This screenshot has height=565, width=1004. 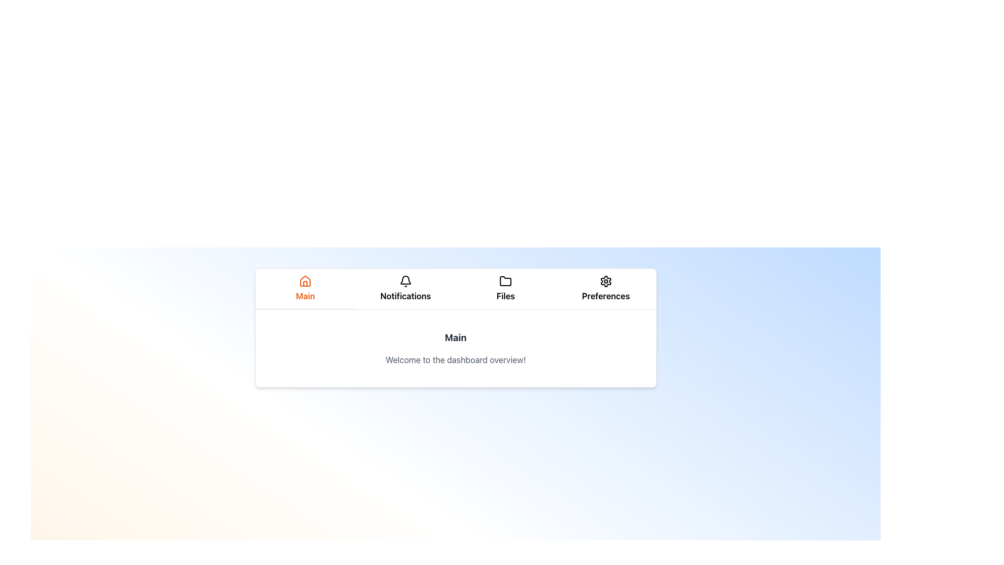 I want to click on the black outline folder icon located above the 'Files' text in the third segment of the horizontal navigation bar, so click(x=506, y=280).